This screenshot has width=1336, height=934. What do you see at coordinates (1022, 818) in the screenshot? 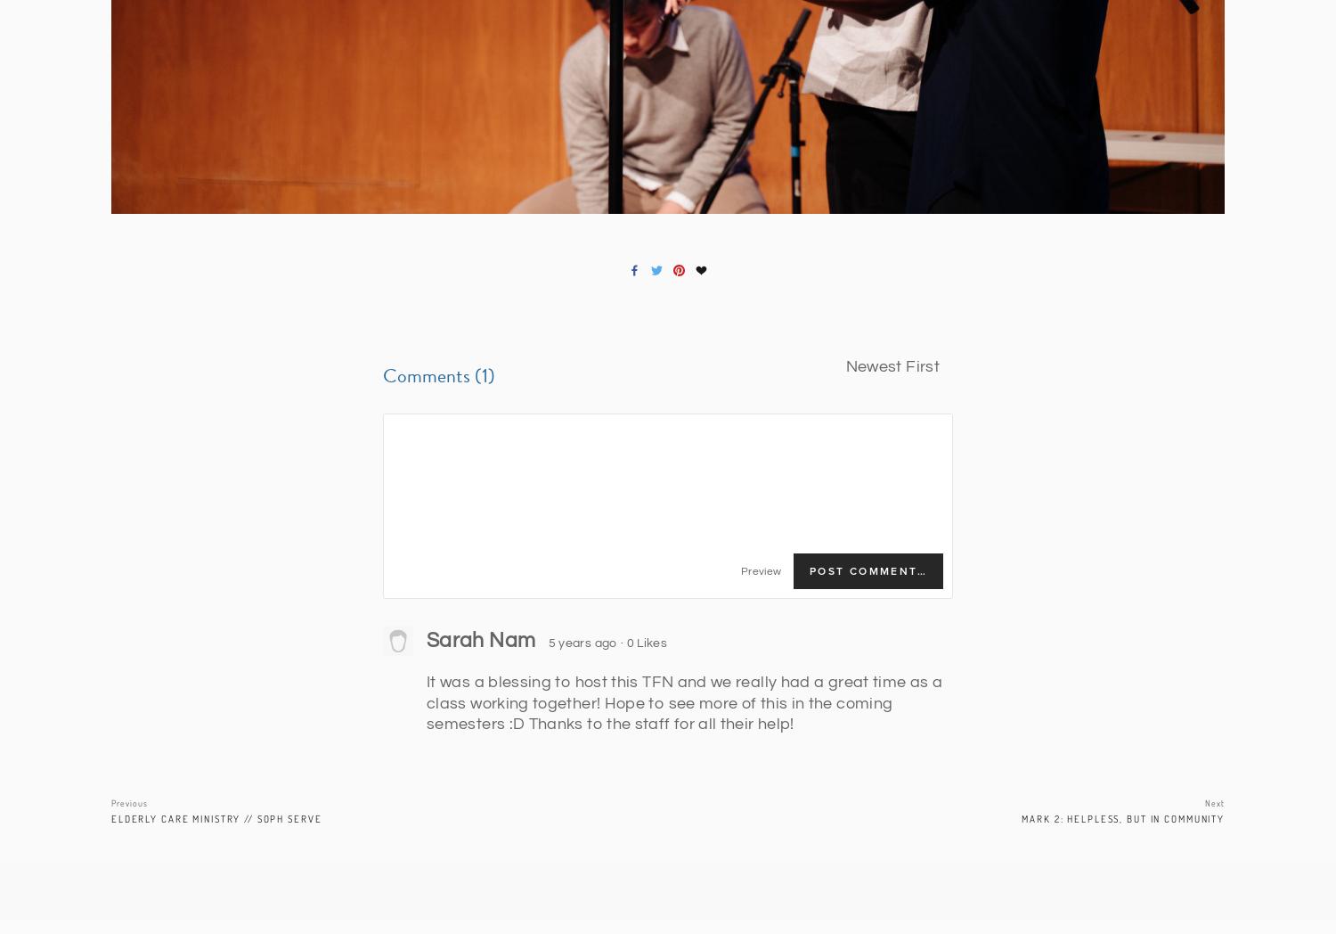
I see `'Mark 2: Helpless, but in Community'` at bounding box center [1022, 818].